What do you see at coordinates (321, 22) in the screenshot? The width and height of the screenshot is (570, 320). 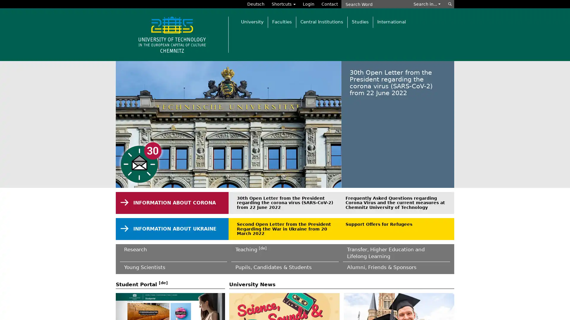 I see `Central Institutions` at bounding box center [321, 22].